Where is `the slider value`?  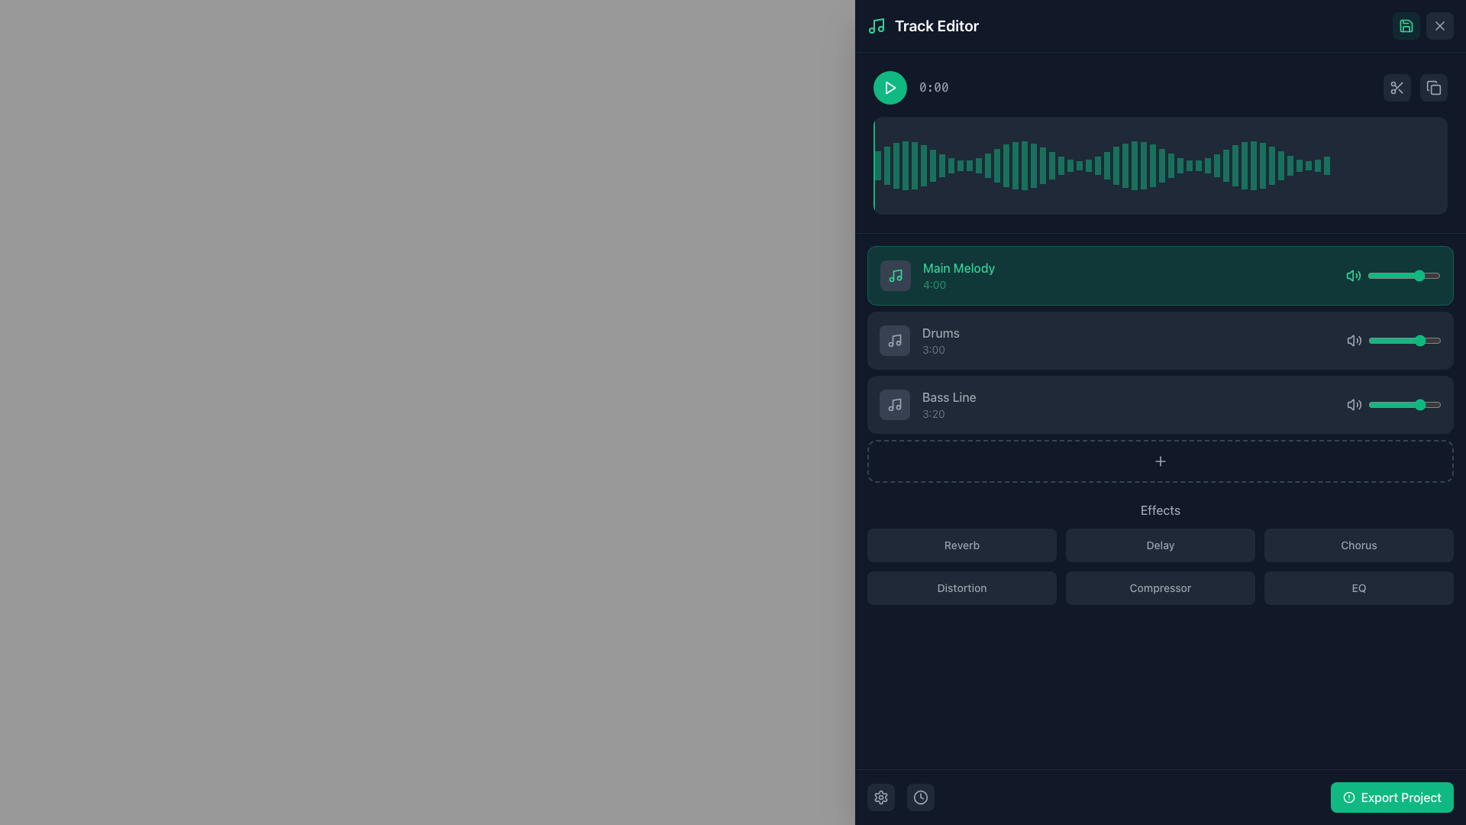
the slider value is located at coordinates (1428, 276).